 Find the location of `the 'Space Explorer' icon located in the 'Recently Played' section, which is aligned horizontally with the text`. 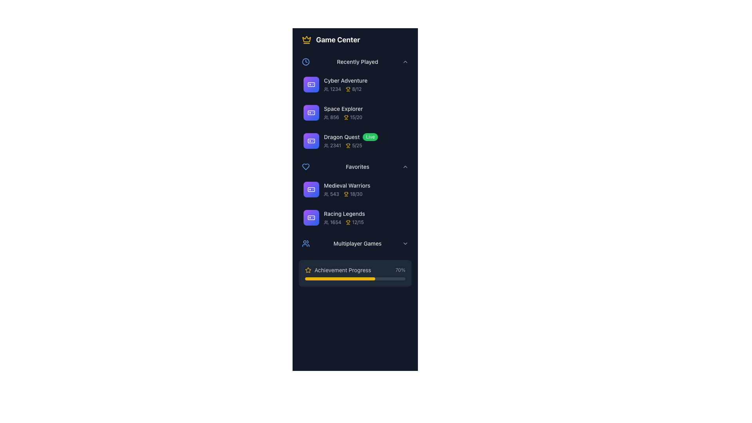

the 'Space Explorer' icon located in the 'Recently Played' section, which is aligned horizontally with the text is located at coordinates (311, 113).